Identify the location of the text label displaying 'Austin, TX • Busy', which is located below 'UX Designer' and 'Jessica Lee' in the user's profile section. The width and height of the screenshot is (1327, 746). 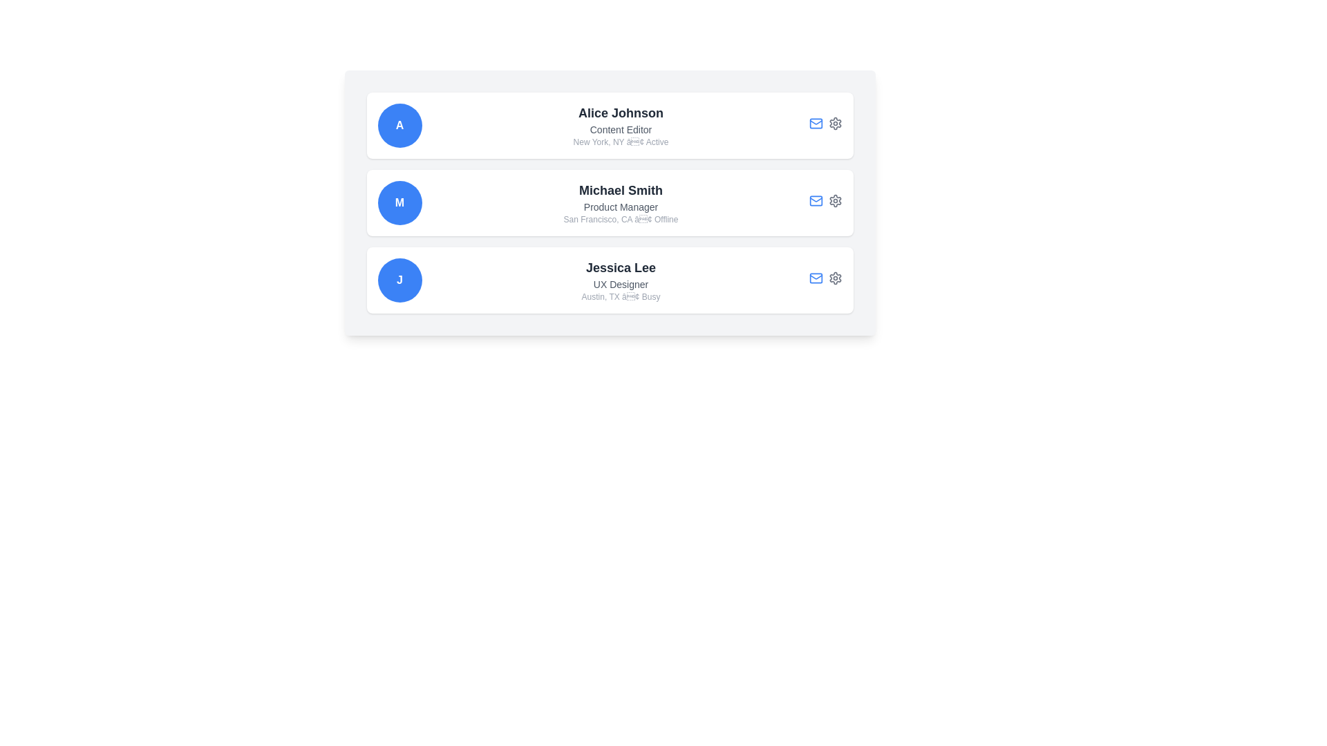
(620, 296).